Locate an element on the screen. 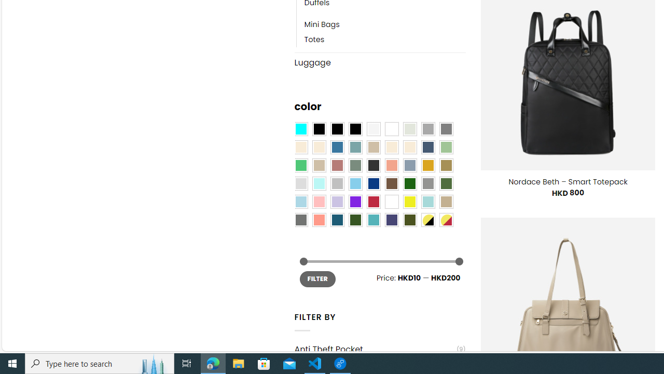 This screenshot has width=664, height=374. 'Yellow-Black' is located at coordinates (427, 220).